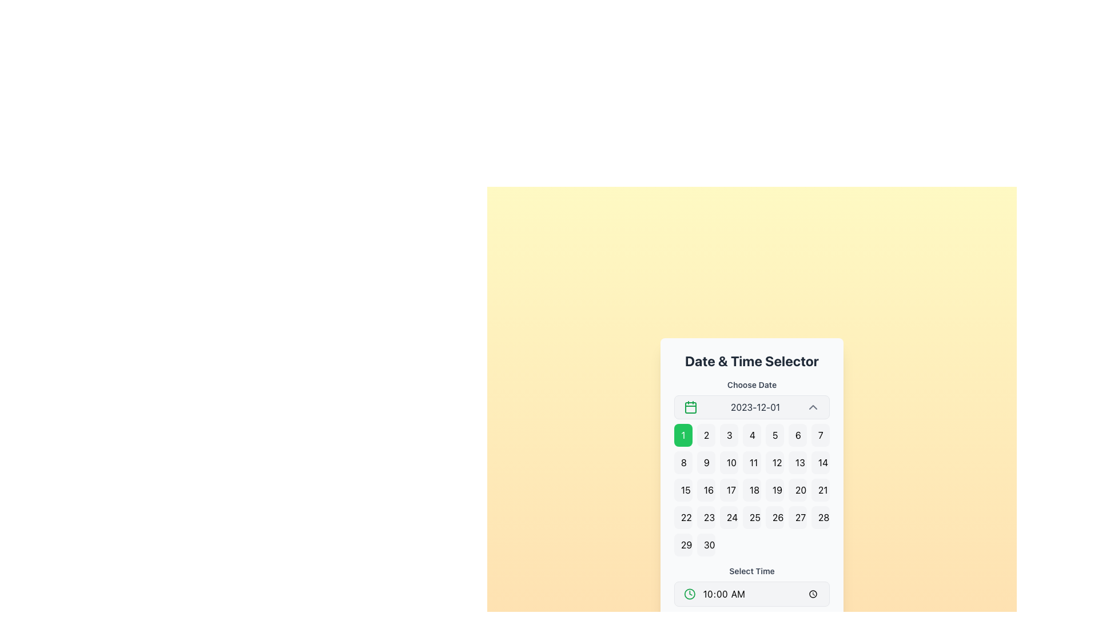 This screenshot has height=617, width=1098. Describe the element at coordinates (774, 463) in the screenshot. I see `the square button displaying the number '12'` at that location.